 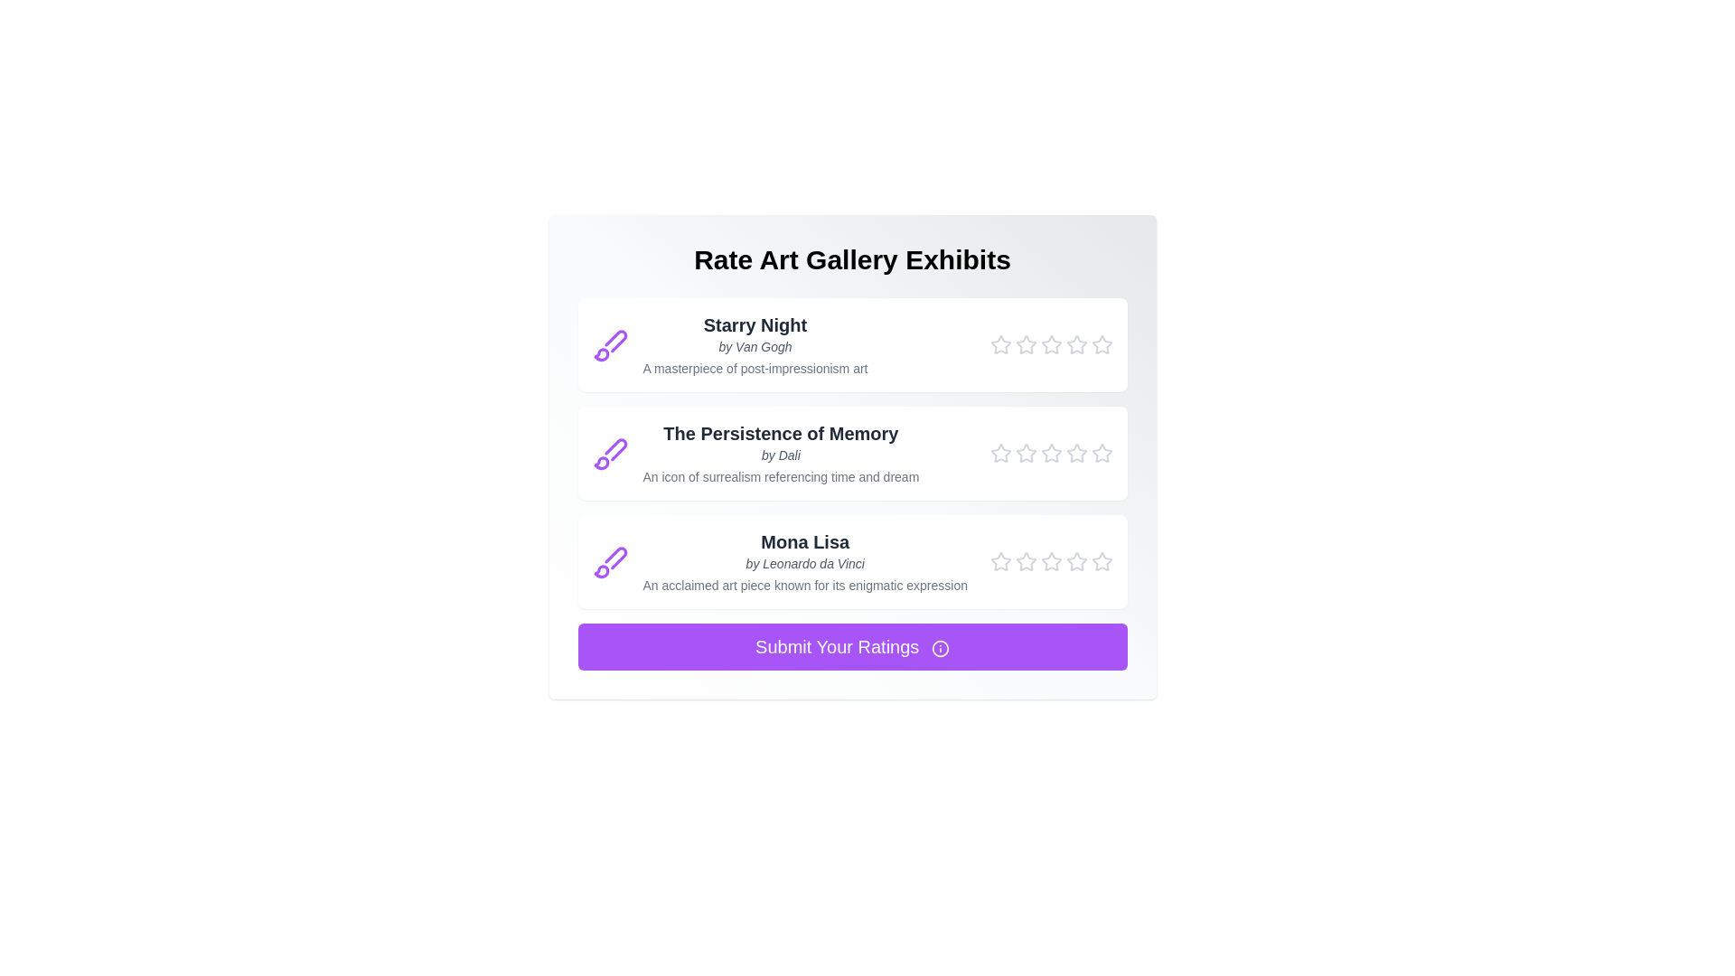 I want to click on the star corresponding to 2 for the painting titled Mona Lisa to set its rating, so click(x=1026, y=560).